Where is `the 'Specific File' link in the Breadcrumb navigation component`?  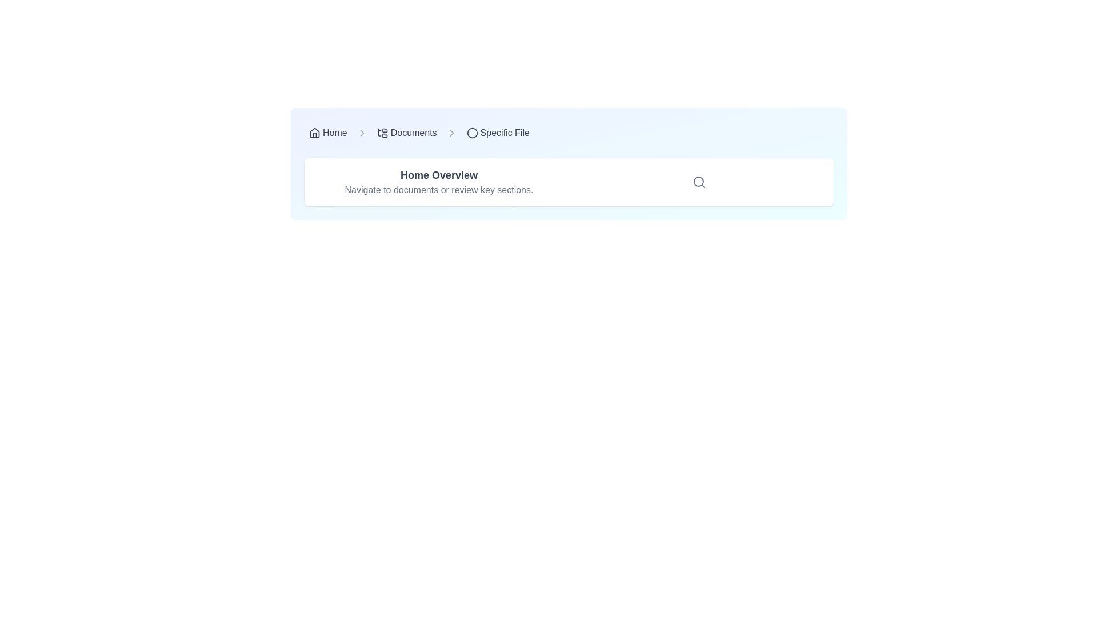
the 'Specific File' link in the Breadcrumb navigation component is located at coordinates (569, 132).